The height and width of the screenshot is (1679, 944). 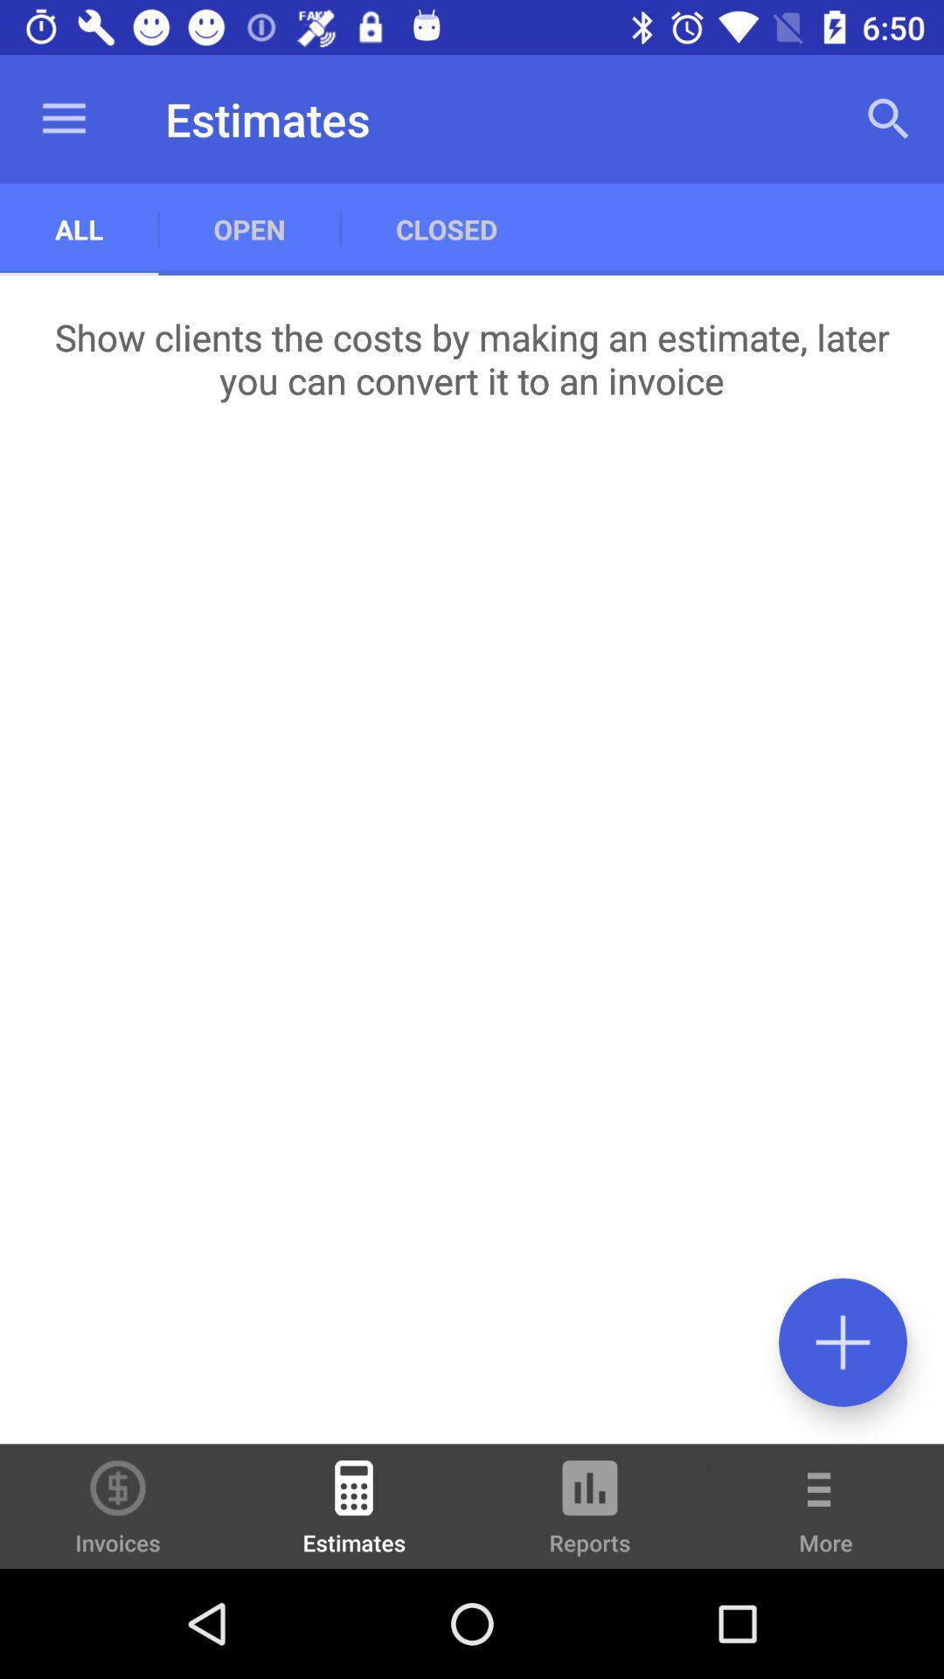 What do you see at coordinates (826, 1518) in the screenshot?
I see `the item to the right of the reports icon` at bounding box center [826, 1518].